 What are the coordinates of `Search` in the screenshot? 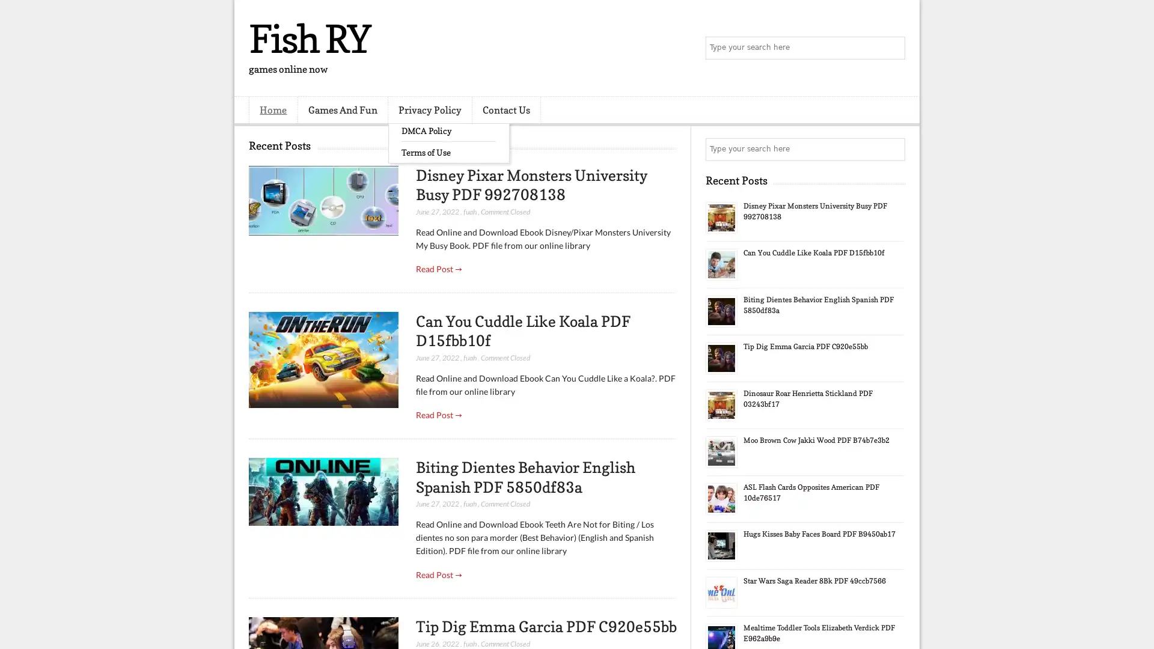 It's located at (893, 149).